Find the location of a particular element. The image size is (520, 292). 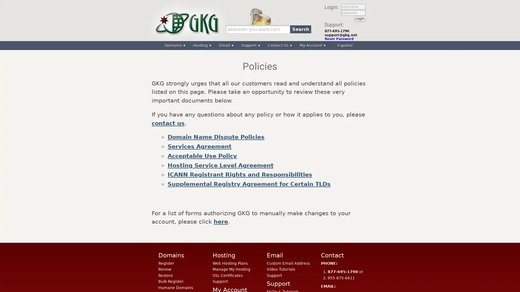

Login is located at coordinates (360, 18).